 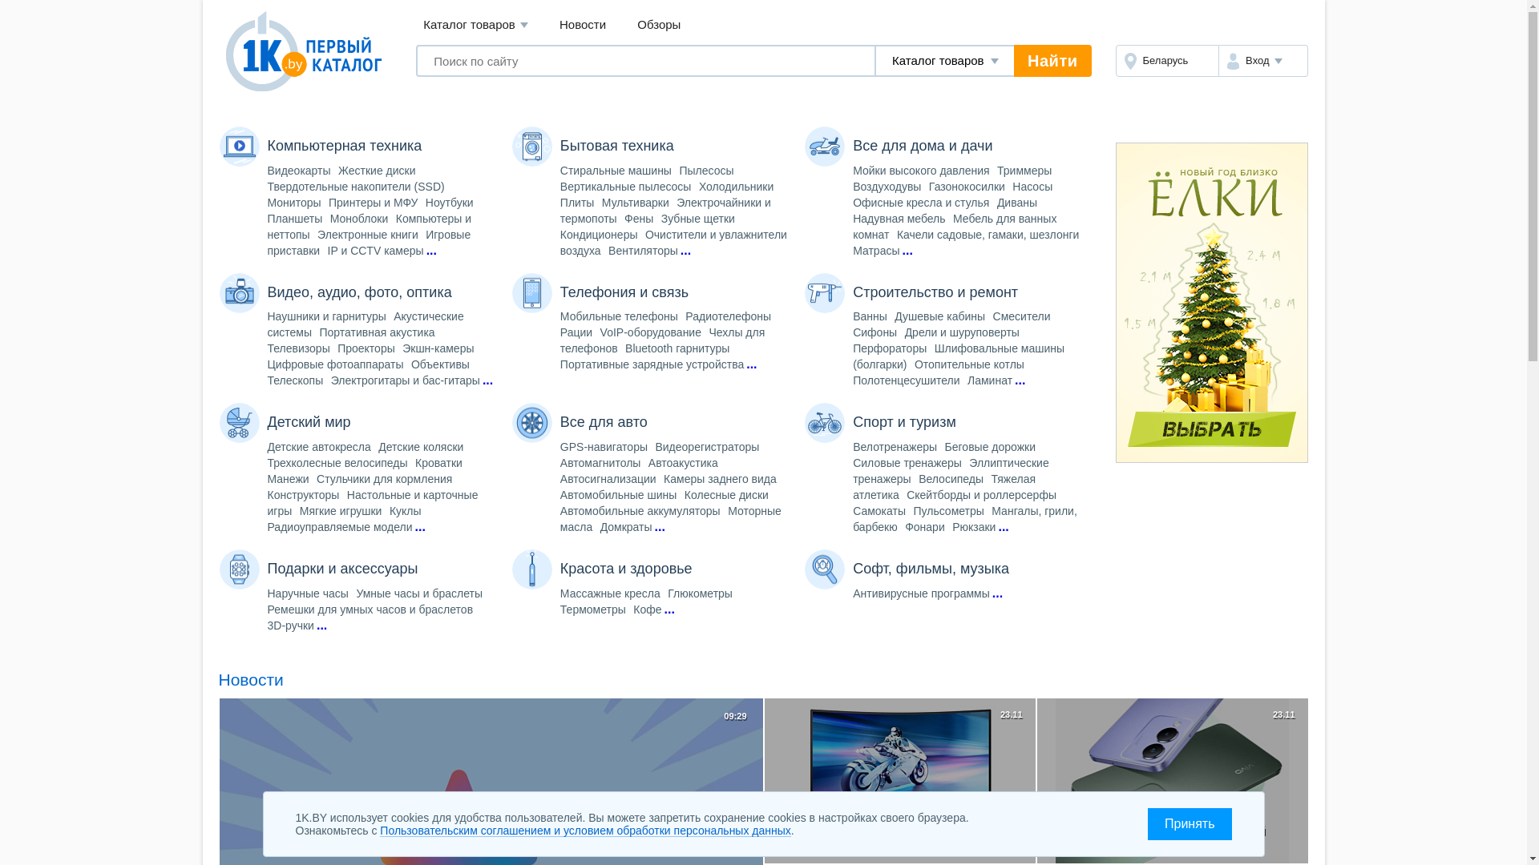 What do you see at coordinates (996, 593) in the screenshot?
I see `'...'` at bounding box center [996, 593].